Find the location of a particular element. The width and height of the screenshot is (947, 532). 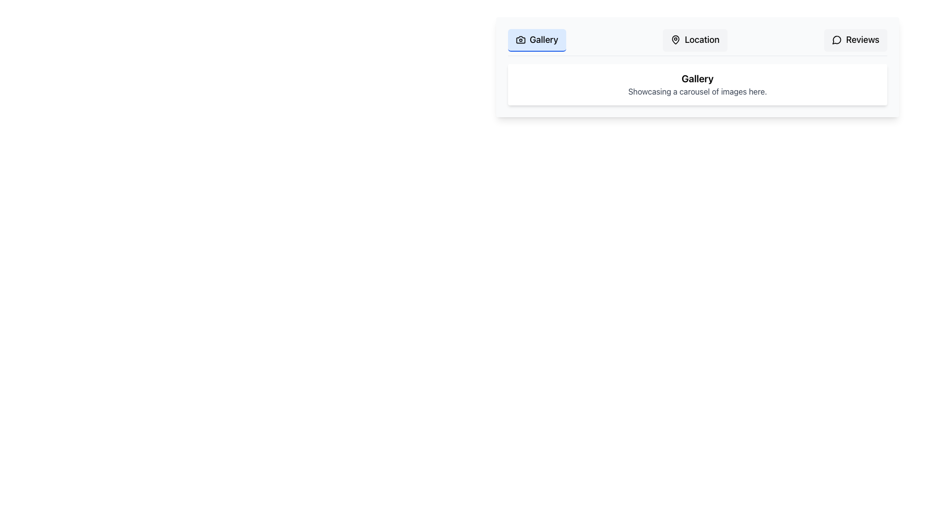

the 'Reviews' button with keyboard navigation is located at coordinates (855, 39).